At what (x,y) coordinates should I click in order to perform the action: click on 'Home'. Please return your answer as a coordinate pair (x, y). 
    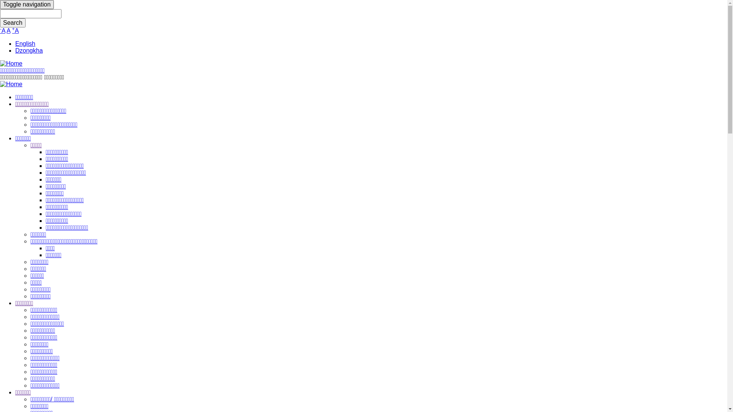
    Looking at the image, I should click on (11, 84).